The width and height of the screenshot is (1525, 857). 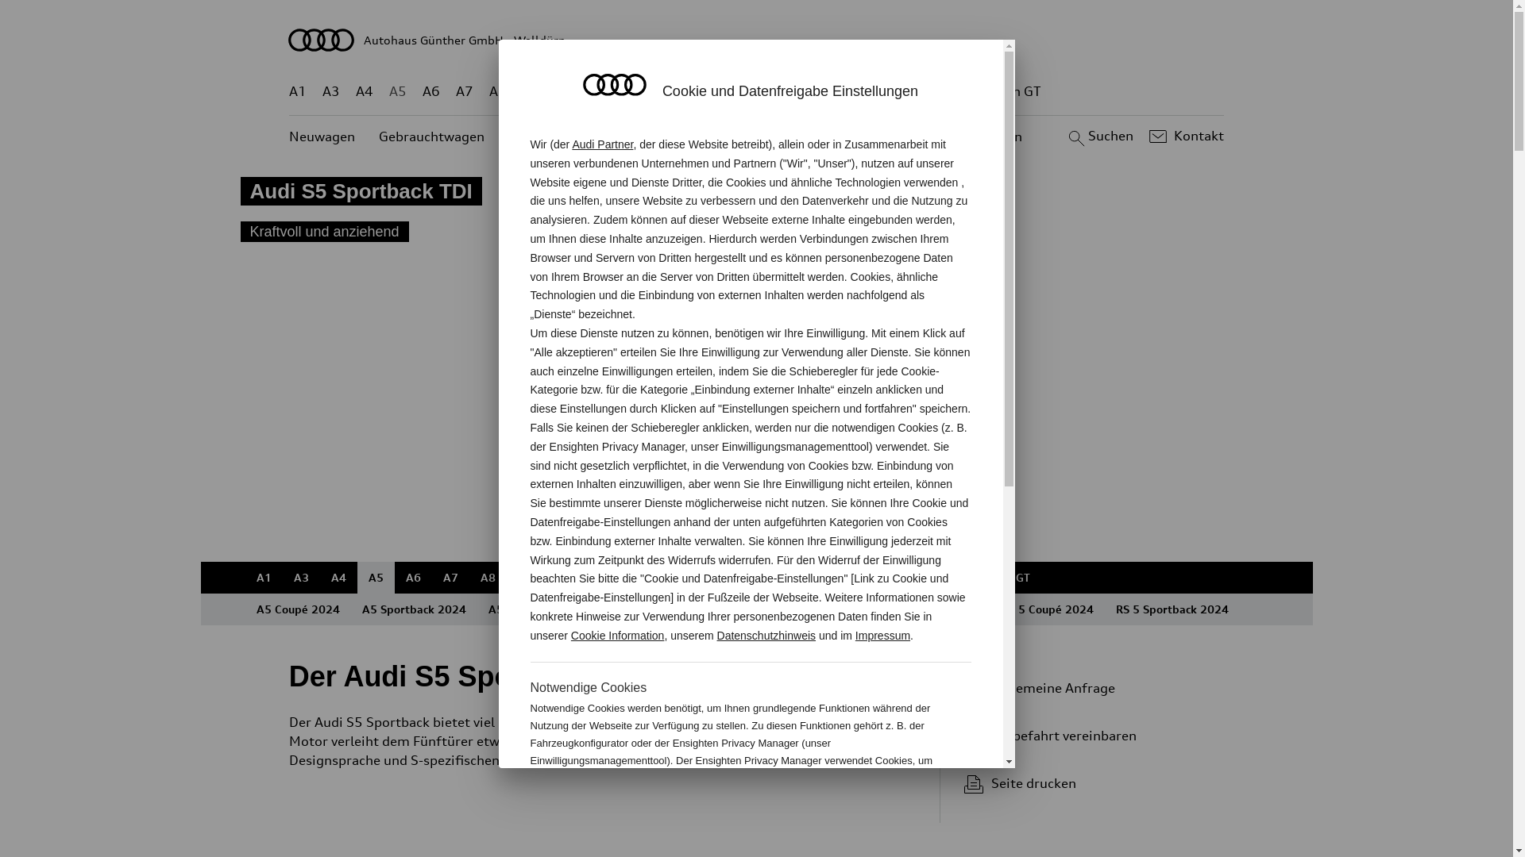 What do you see at coordinates (364, 91) in the screenshot?
I see `'A4'` at bounding box center [364, 91].